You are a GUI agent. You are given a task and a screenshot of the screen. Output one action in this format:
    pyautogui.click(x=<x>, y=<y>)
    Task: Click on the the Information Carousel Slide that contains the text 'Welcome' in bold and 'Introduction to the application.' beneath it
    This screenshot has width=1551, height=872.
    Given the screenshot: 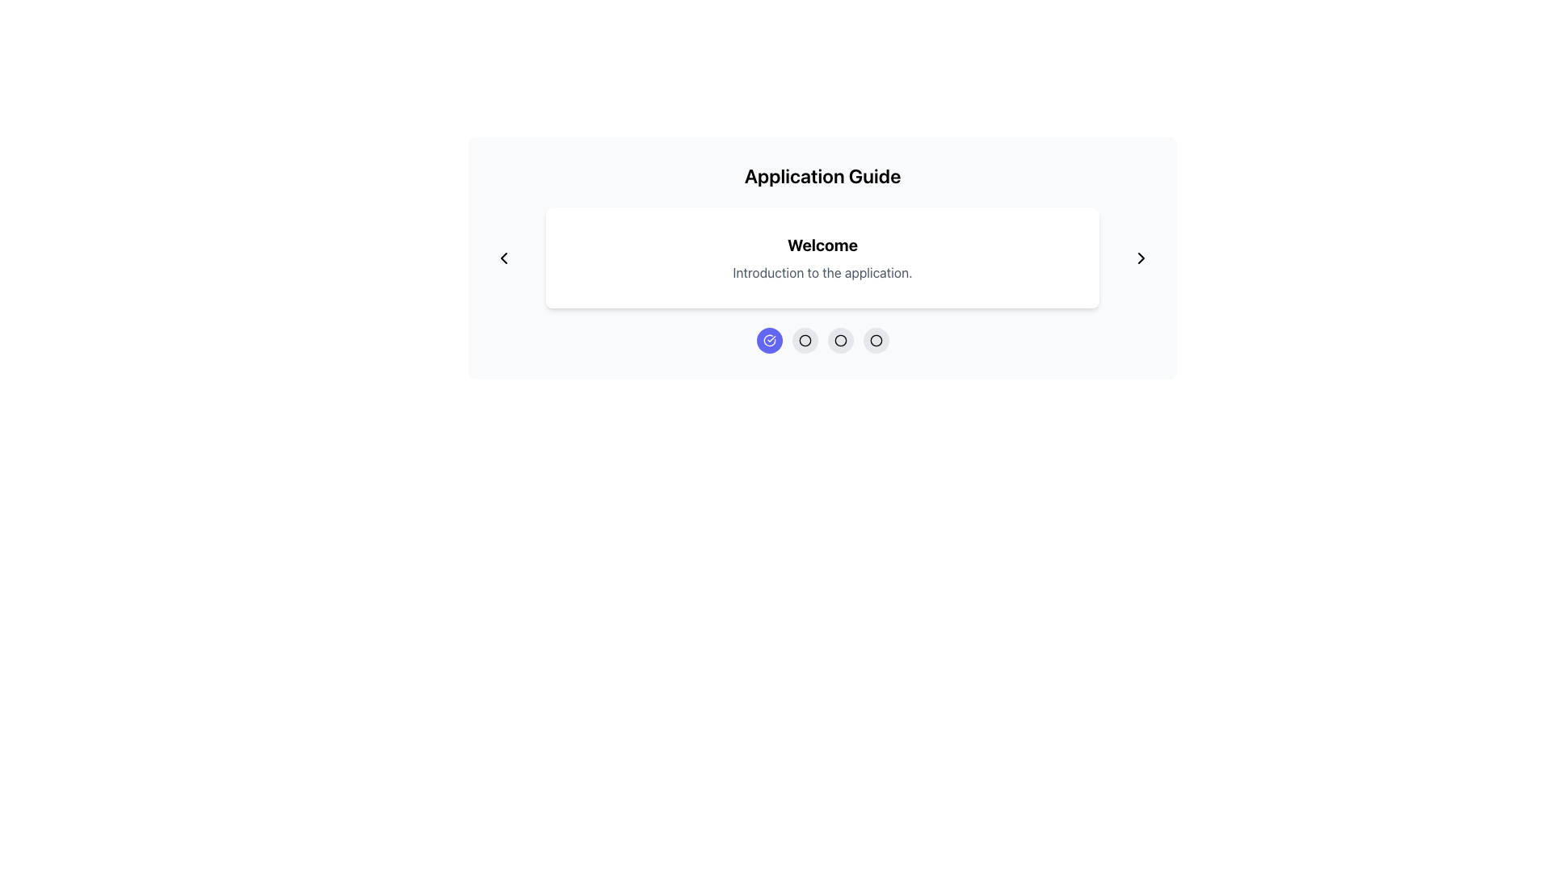 What is the action you would take?
    pyautogui.click(x=822, y=258)
    